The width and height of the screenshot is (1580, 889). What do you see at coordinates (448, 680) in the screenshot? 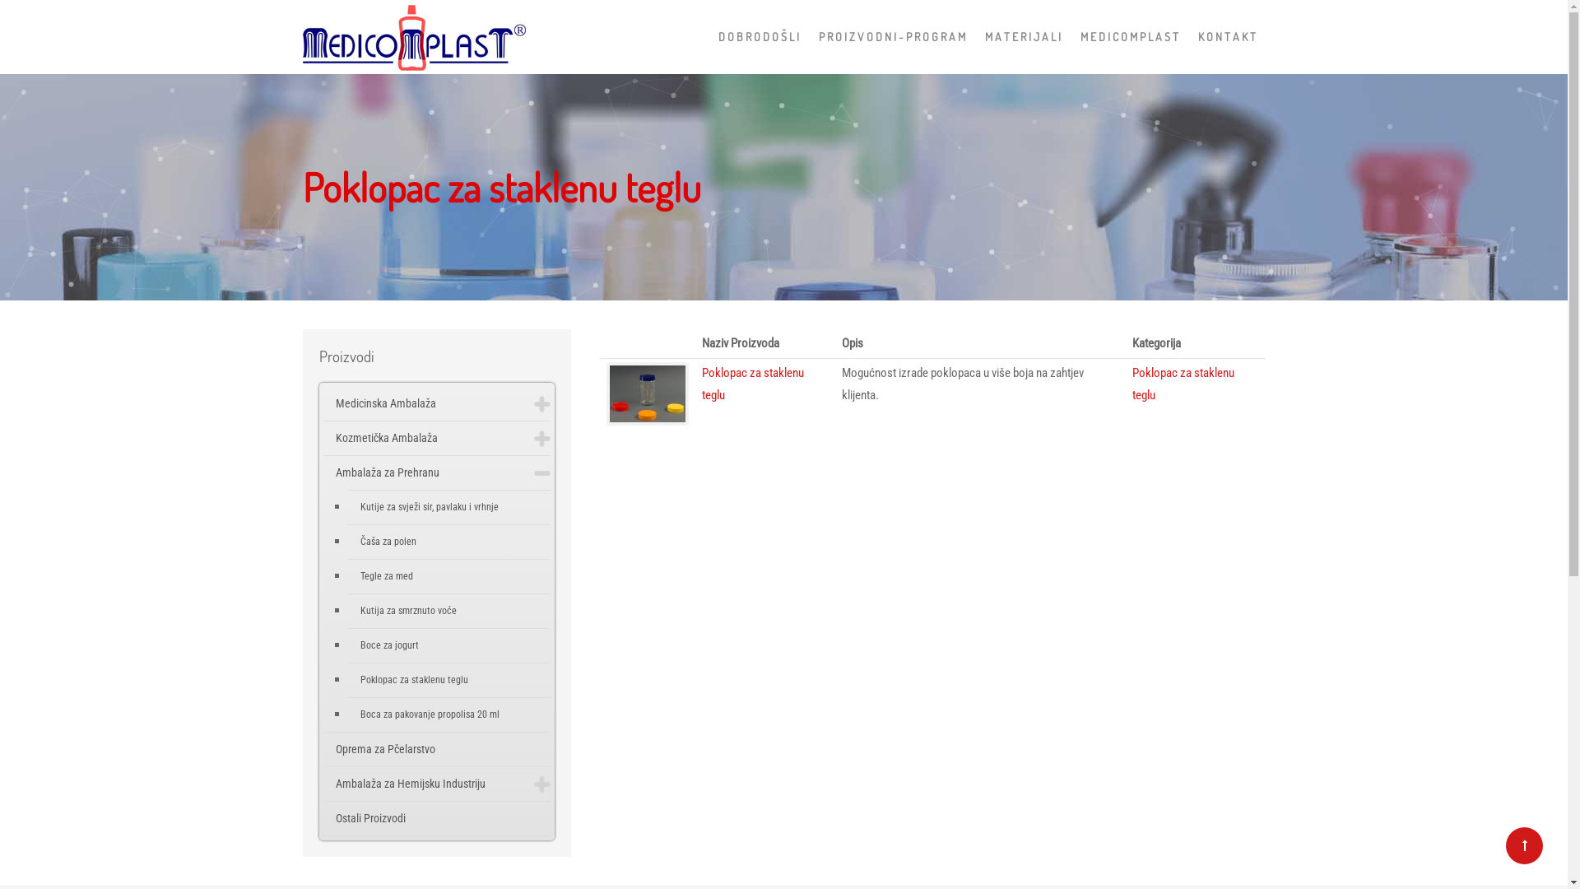
I see `'Poklopac za staklenu teglu'` at bounding box center [448, 680].